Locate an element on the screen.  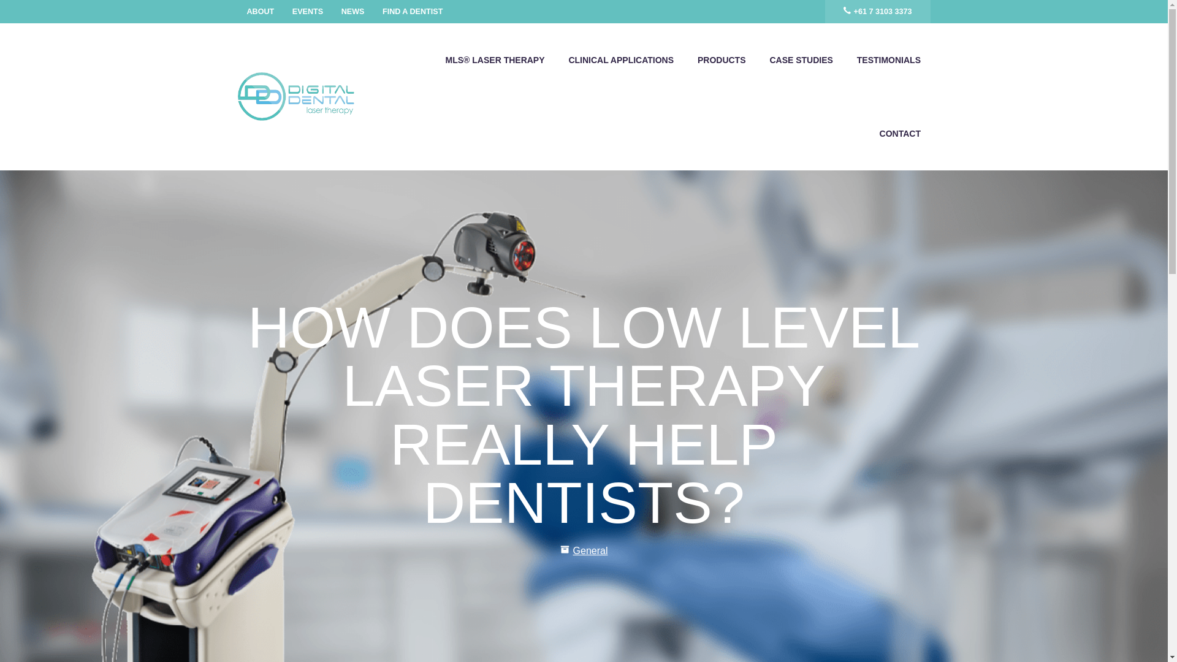
'PRODUCTS' is located at coordinates (721, 59).